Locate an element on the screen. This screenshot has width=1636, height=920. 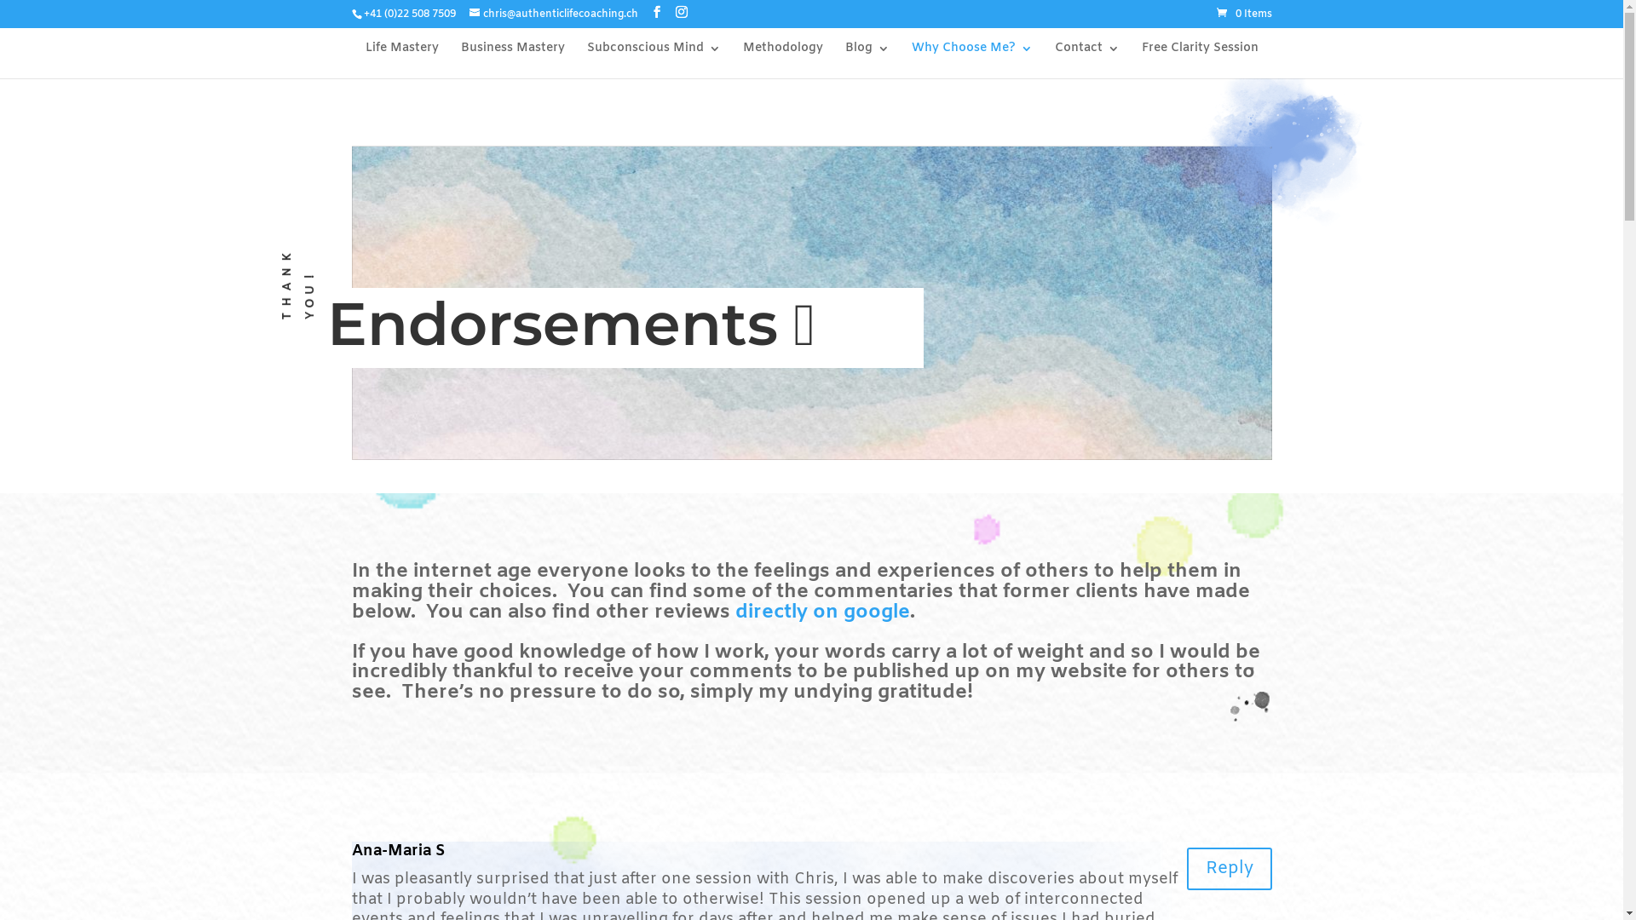
'Free Clarity Session' is located at coordinates (1141, 59).